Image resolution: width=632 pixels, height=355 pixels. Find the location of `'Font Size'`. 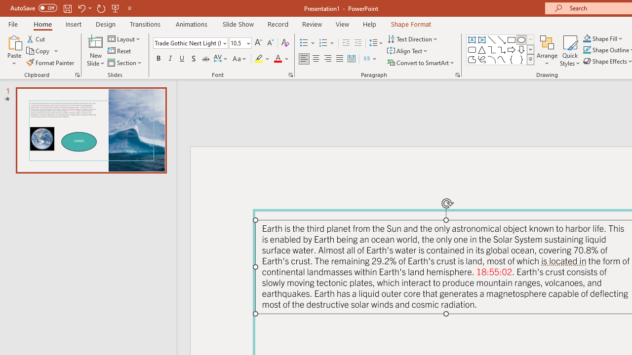

'Font Size' is located at coordinates (237, 42).